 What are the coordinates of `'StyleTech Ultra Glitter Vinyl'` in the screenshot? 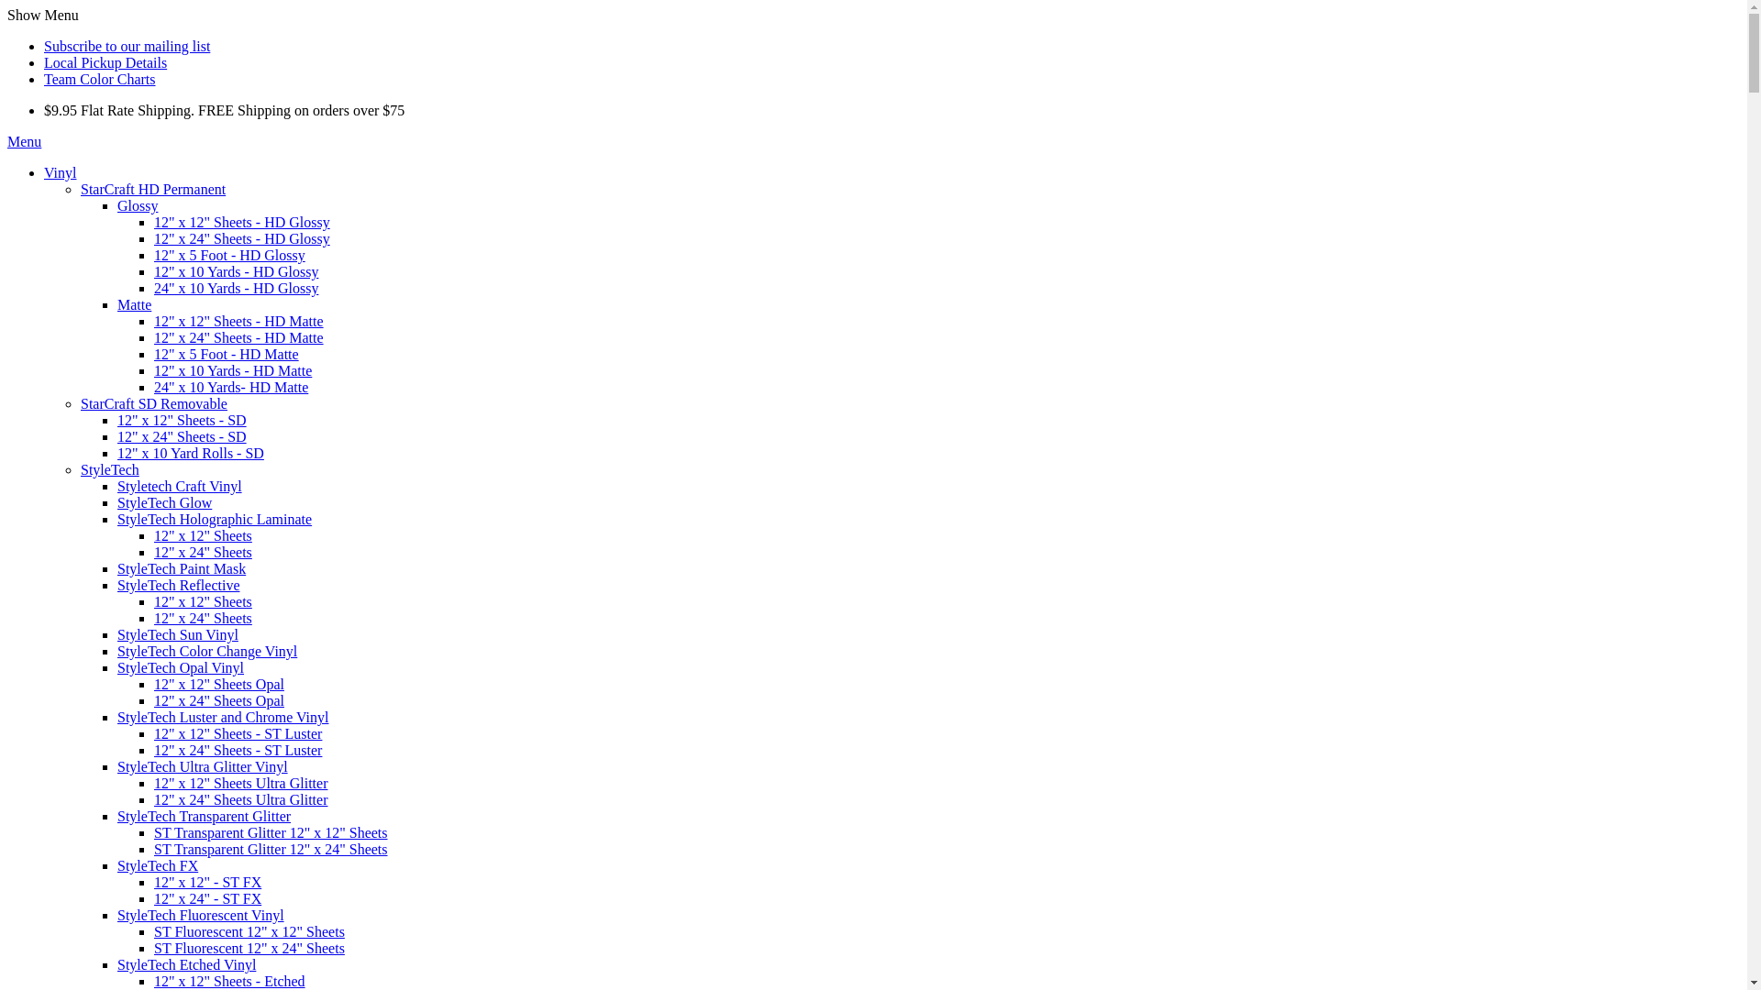 It's located at (202, 766).